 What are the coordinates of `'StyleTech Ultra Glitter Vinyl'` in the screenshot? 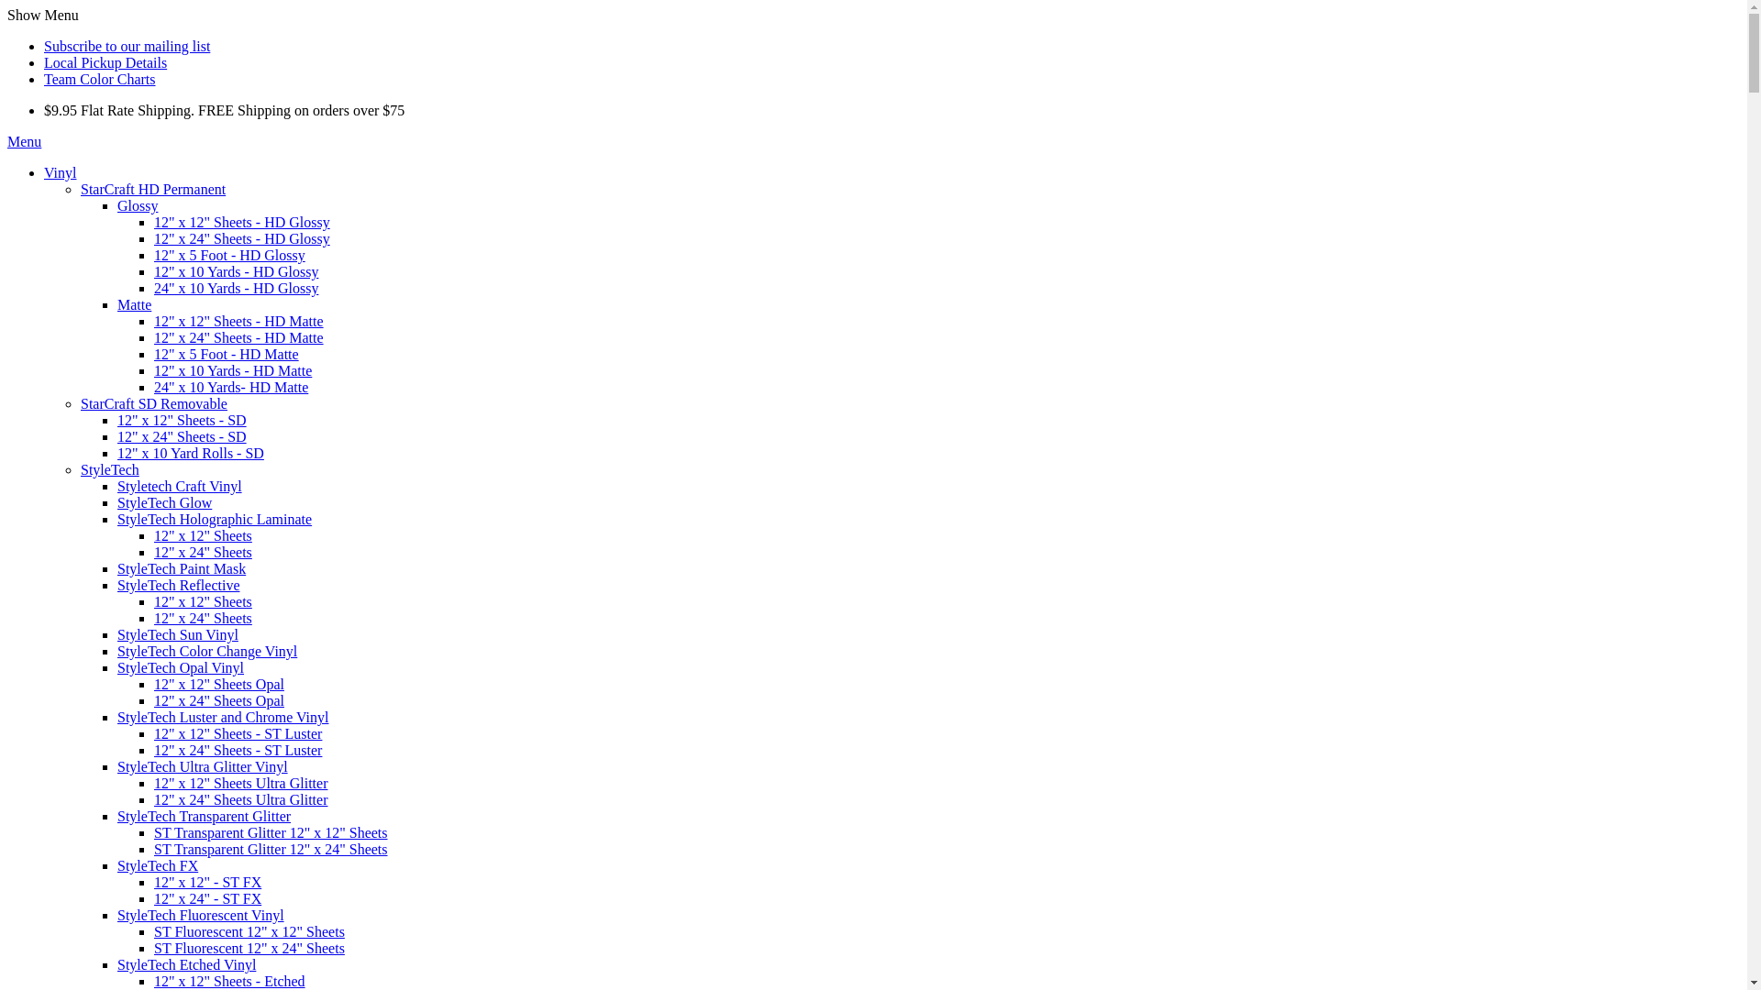 It's located at (202, 766).